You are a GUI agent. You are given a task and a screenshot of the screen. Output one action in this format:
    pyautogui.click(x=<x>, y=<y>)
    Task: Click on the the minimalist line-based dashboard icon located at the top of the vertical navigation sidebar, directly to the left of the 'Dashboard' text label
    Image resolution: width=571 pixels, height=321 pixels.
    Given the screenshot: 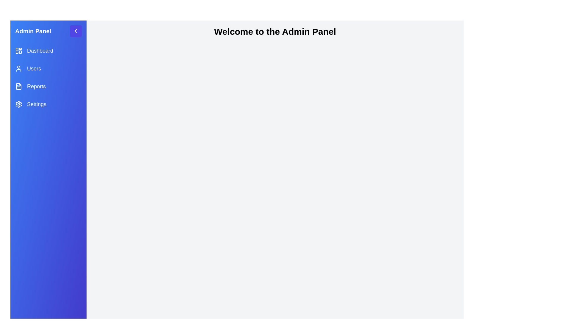 What is the action you would take?
    pyautogui.click(x=18, y=50)
    